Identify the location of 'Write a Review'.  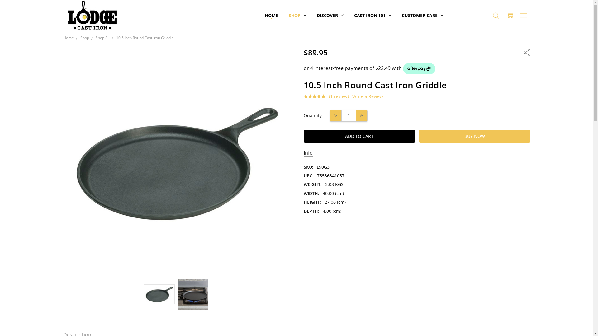
(368, 96).